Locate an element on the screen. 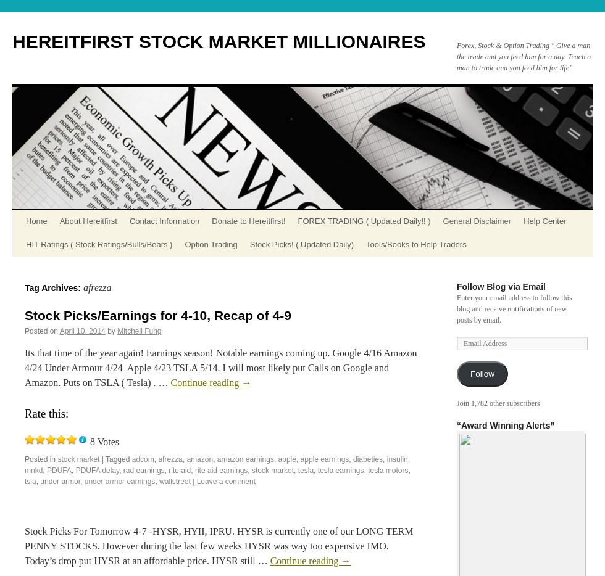 The image size is (605, 576). 'rad earnings' is located at coordinates (123, 469).